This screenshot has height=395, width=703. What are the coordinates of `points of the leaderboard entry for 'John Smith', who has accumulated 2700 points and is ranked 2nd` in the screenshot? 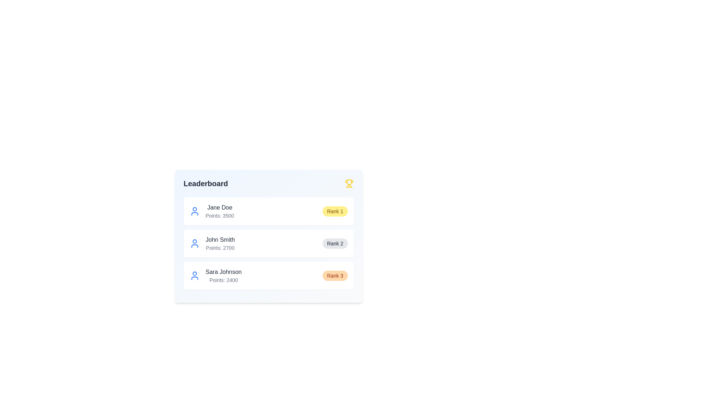 It's located at (268, 242).